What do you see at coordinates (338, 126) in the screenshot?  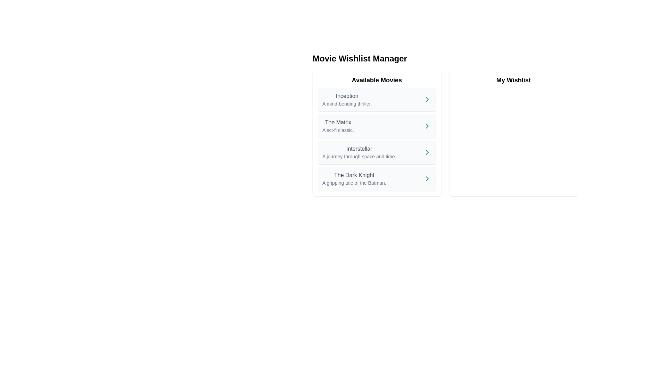 I see `text displayed in the second movie information block in the 'Available Movies' section, which contains the title and description of the movie` at bounding box center [338, 126].